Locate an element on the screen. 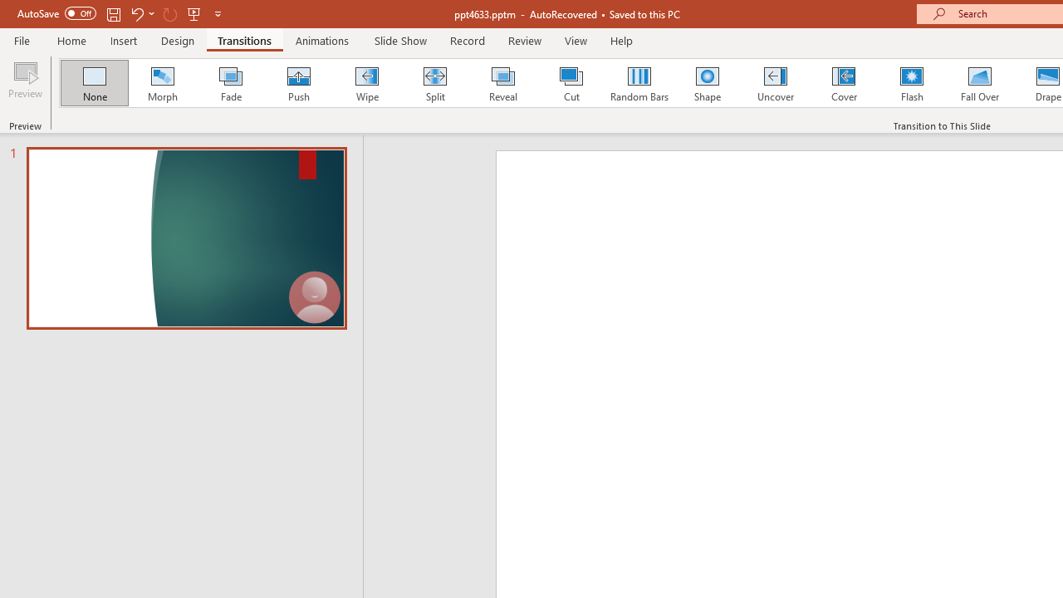  'Push' is located at coordinates (298, 83).